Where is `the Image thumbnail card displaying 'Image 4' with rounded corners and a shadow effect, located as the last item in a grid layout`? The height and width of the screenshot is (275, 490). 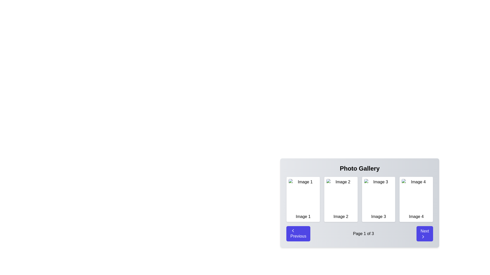
the Image thumbnail card displaying 'Image 4' with rounded corners and a shadow effect, located as the last item in a grid layout is located at coordinates (416, 199).